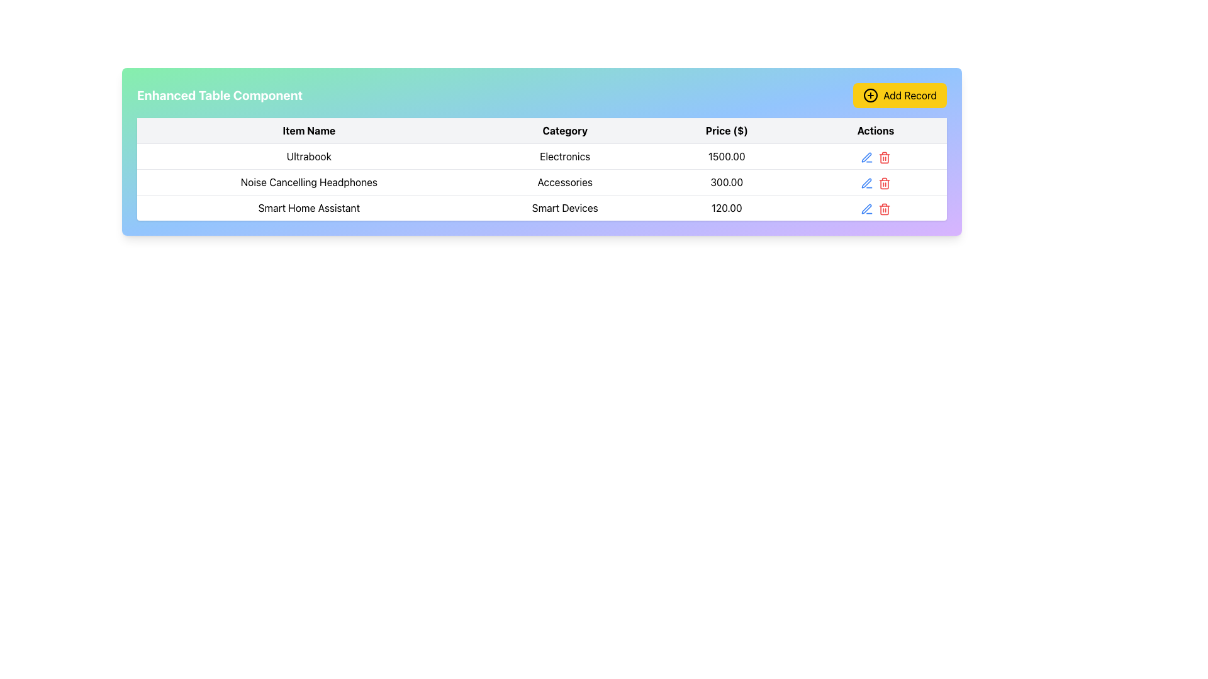  Describe the element at coordinates (866, 157) in the screenshot. I see `the edit button for the 'Noise Cancelling Headphones' entry located` at that location.